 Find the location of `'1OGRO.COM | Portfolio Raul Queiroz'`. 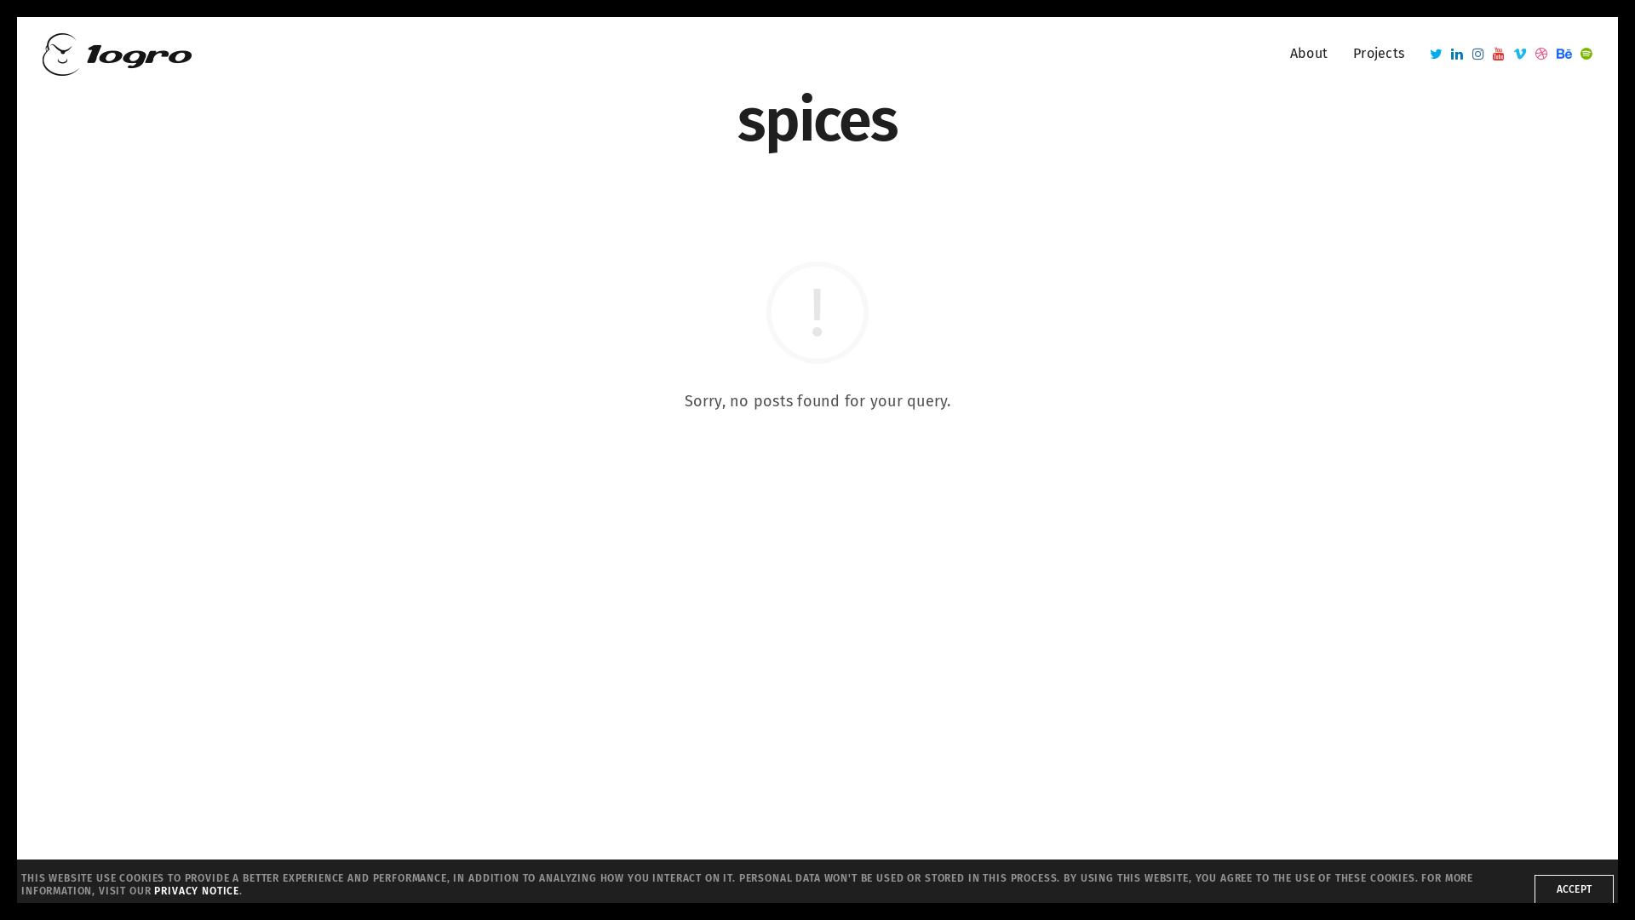

'1OGRO.COM | Portfolio Raul Queiroz' is located at coordinates (116, 52).